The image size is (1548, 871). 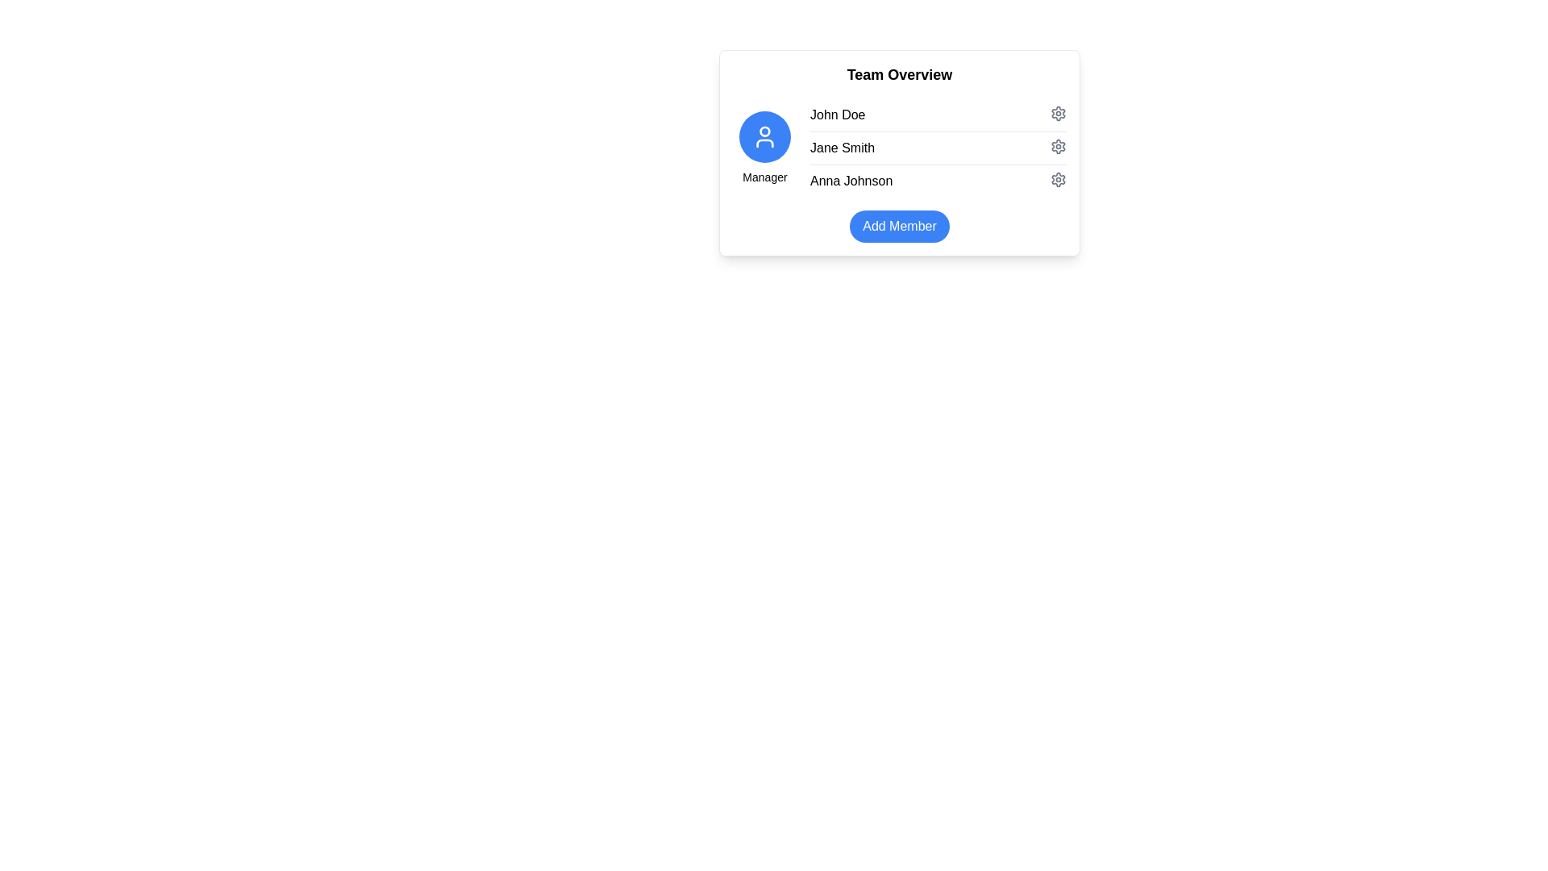 What do you see at coordinates (938, 148) in the screenshot?
I see `the list item displaying 'Jane Smith', which is the second item in the vertical list, located between 'John Doe' and 'Anna Johnson'` at bounding box center [938, 148].